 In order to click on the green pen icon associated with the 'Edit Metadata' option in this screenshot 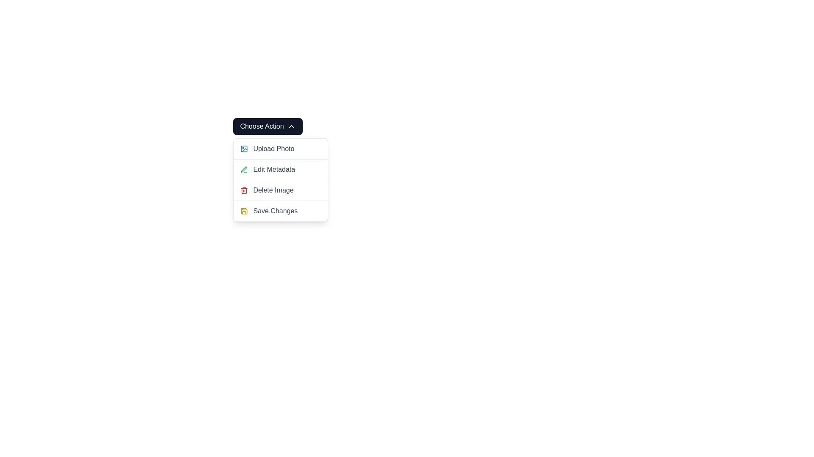, I will do `click(244, 170)`.